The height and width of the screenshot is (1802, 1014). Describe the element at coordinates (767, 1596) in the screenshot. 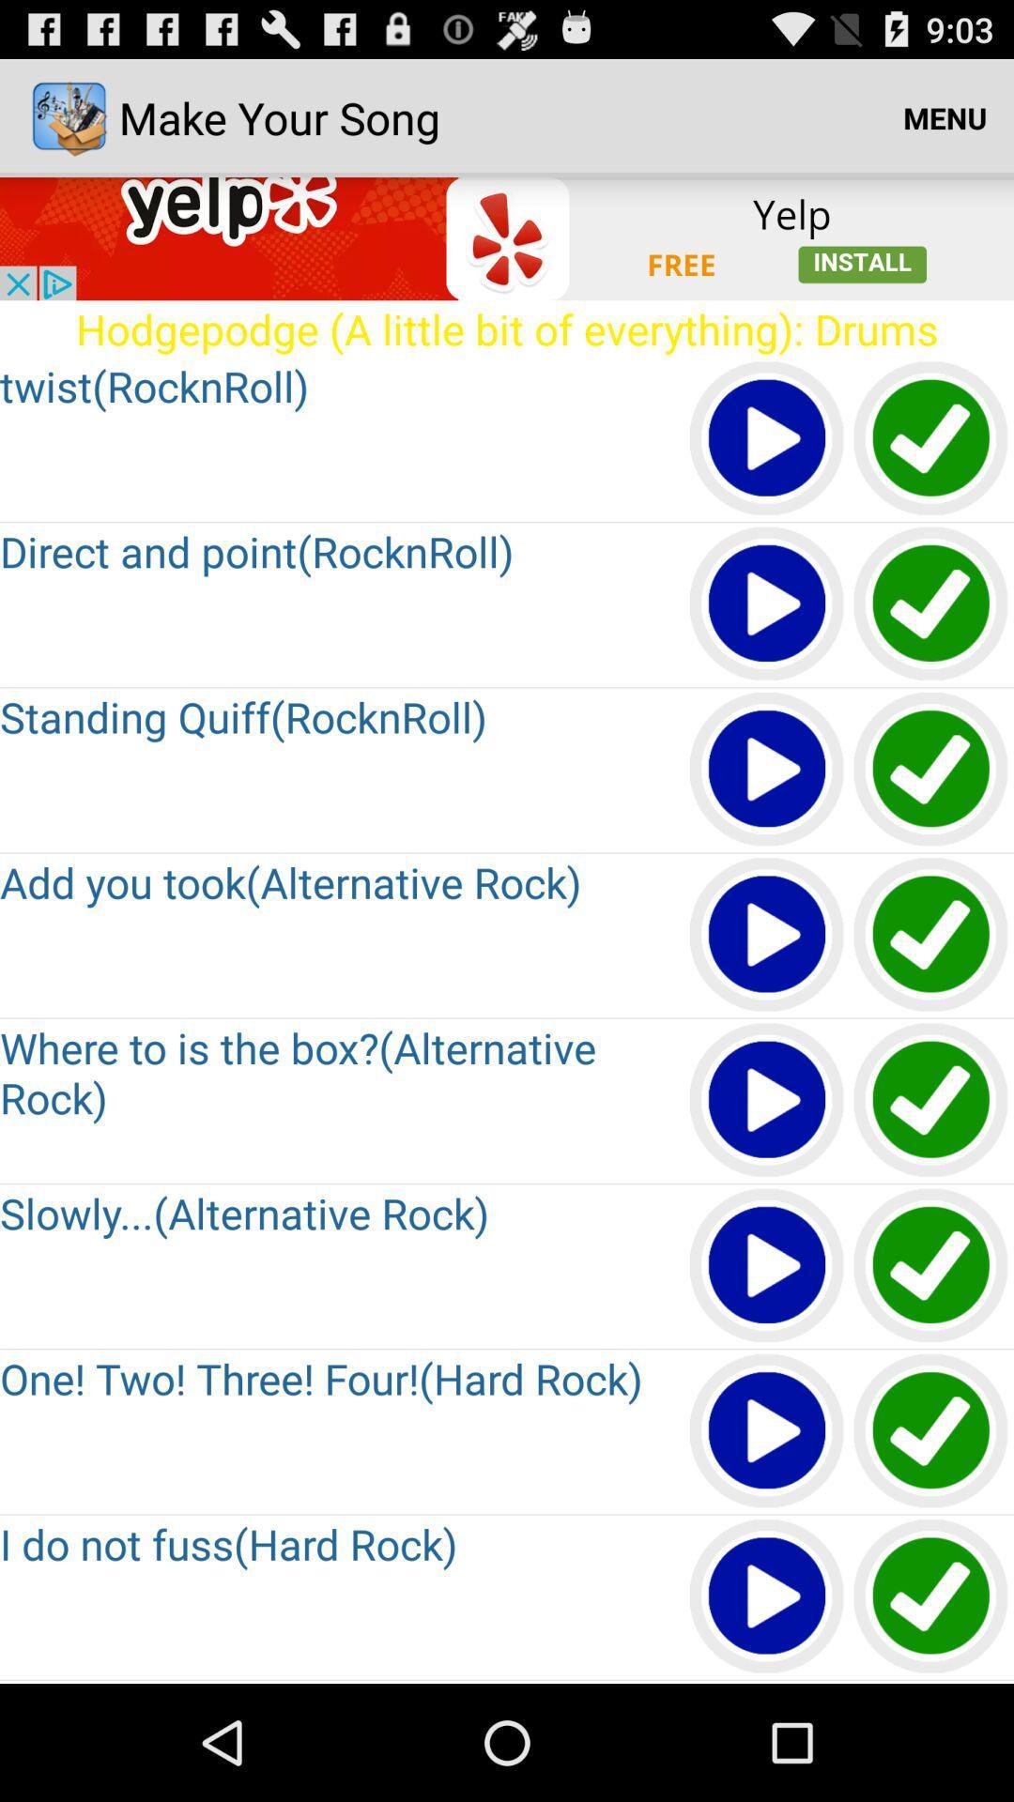

I see `i do not fuss` at that location.